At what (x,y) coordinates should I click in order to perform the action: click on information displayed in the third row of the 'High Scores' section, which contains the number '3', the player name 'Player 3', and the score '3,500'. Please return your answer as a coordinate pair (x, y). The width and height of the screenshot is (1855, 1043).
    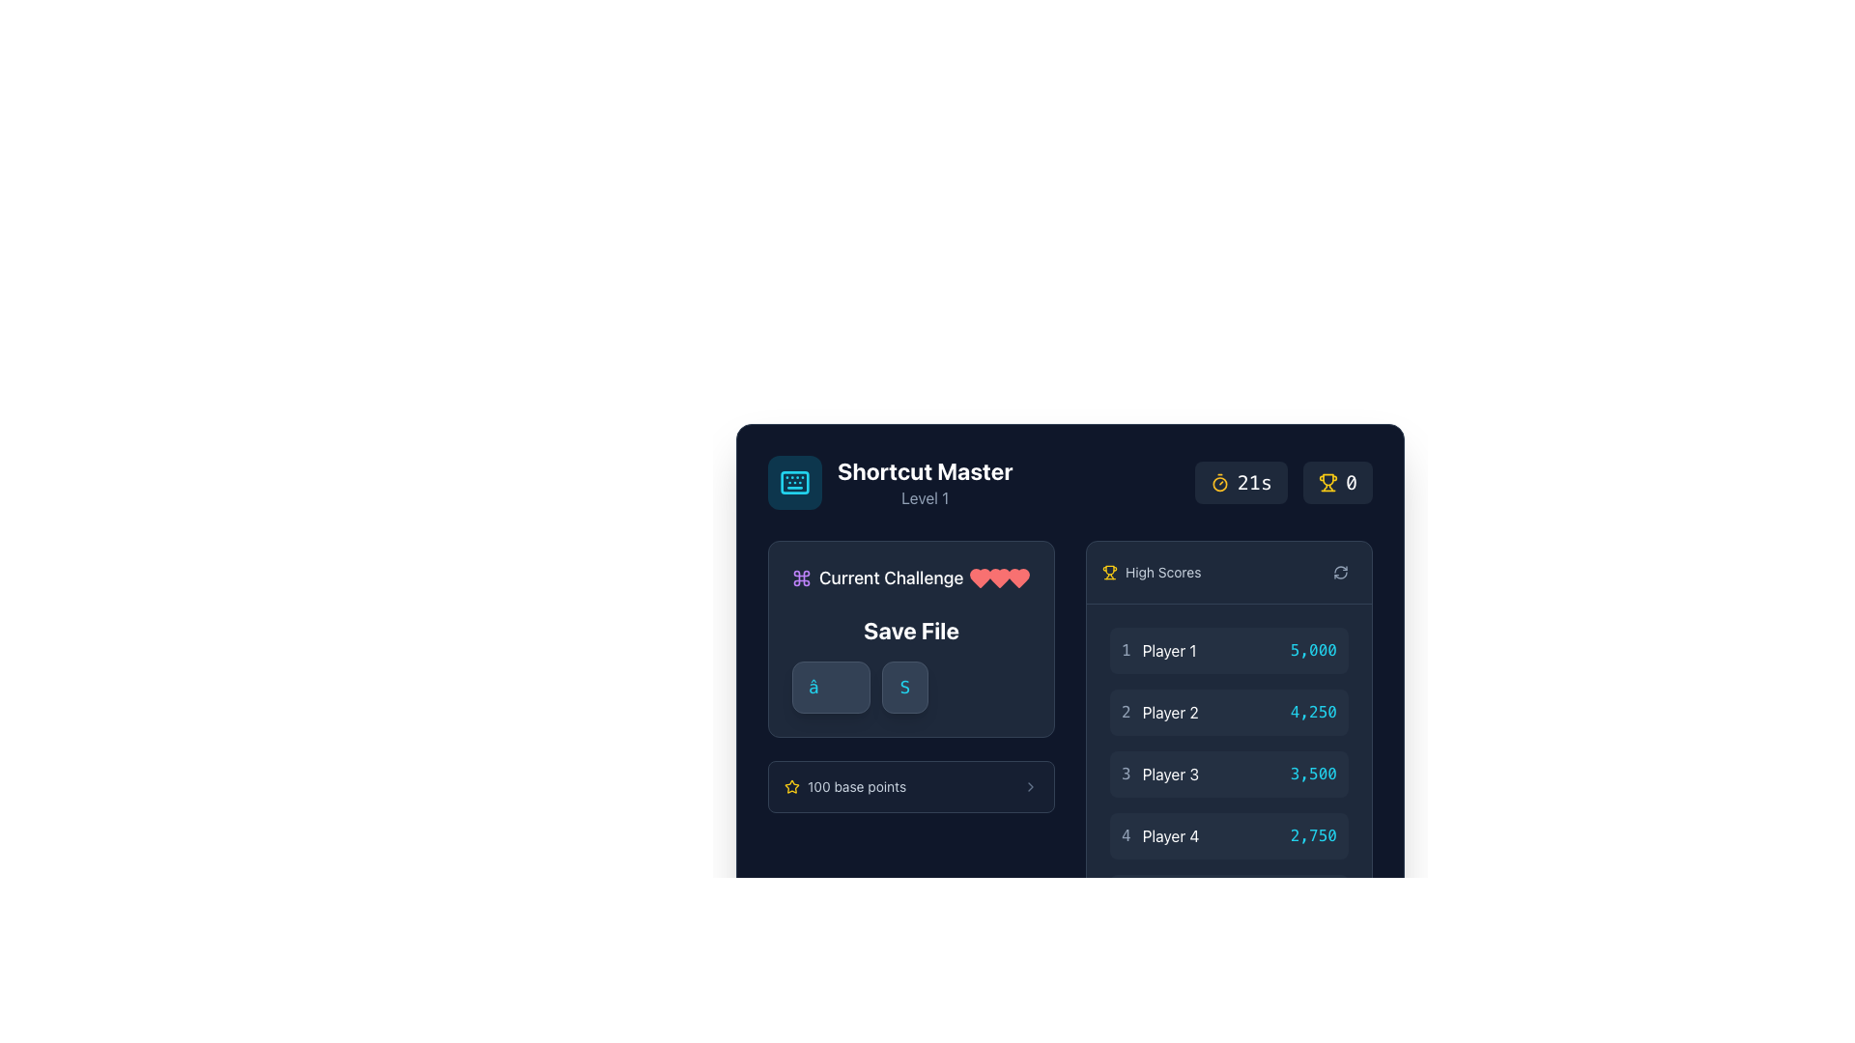
    Looking at the image, I should click on (1228, 774).